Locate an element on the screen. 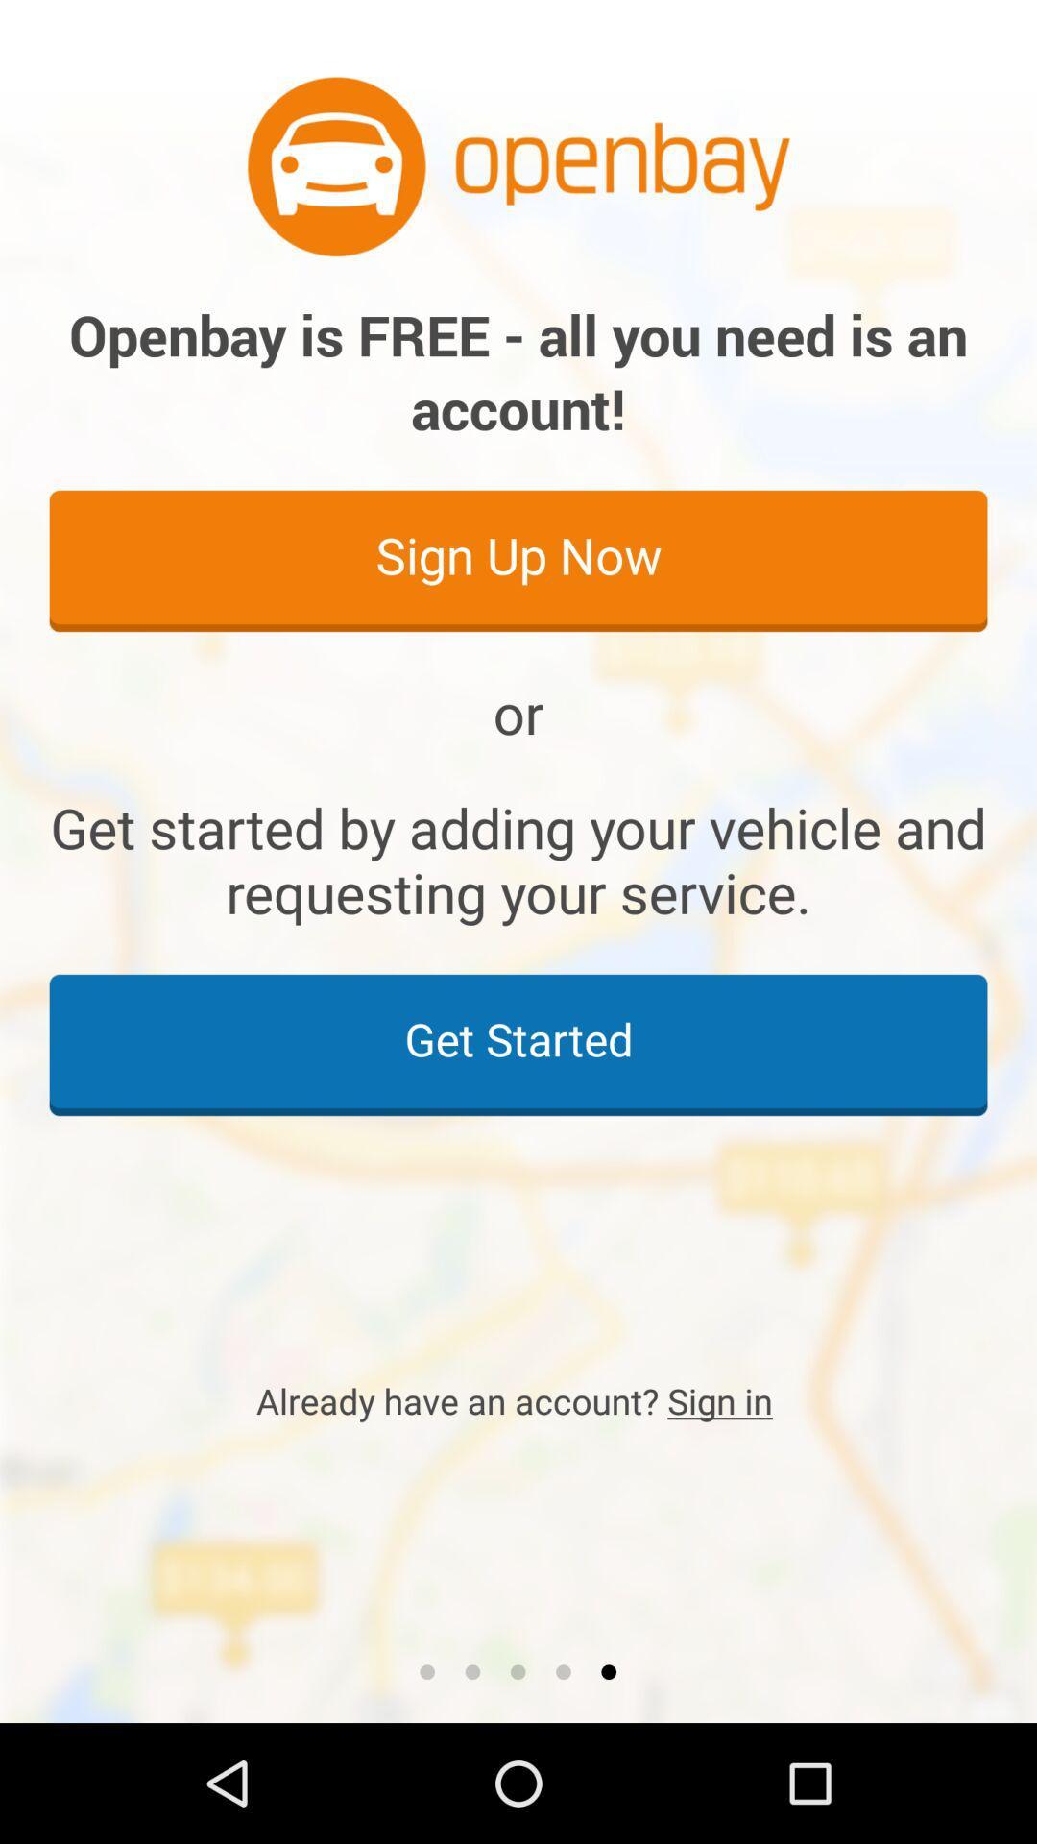 The width and height of the screenshot is (1037, 1844). the item below get started icon is located at coordinates (518, 1400).